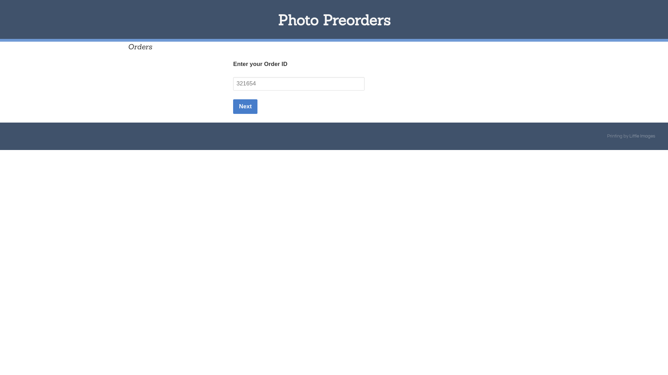  What do you see at coordinates (642, 136) in the screenshot?
I see `'Little Images'` at bounding box center [642, 136].